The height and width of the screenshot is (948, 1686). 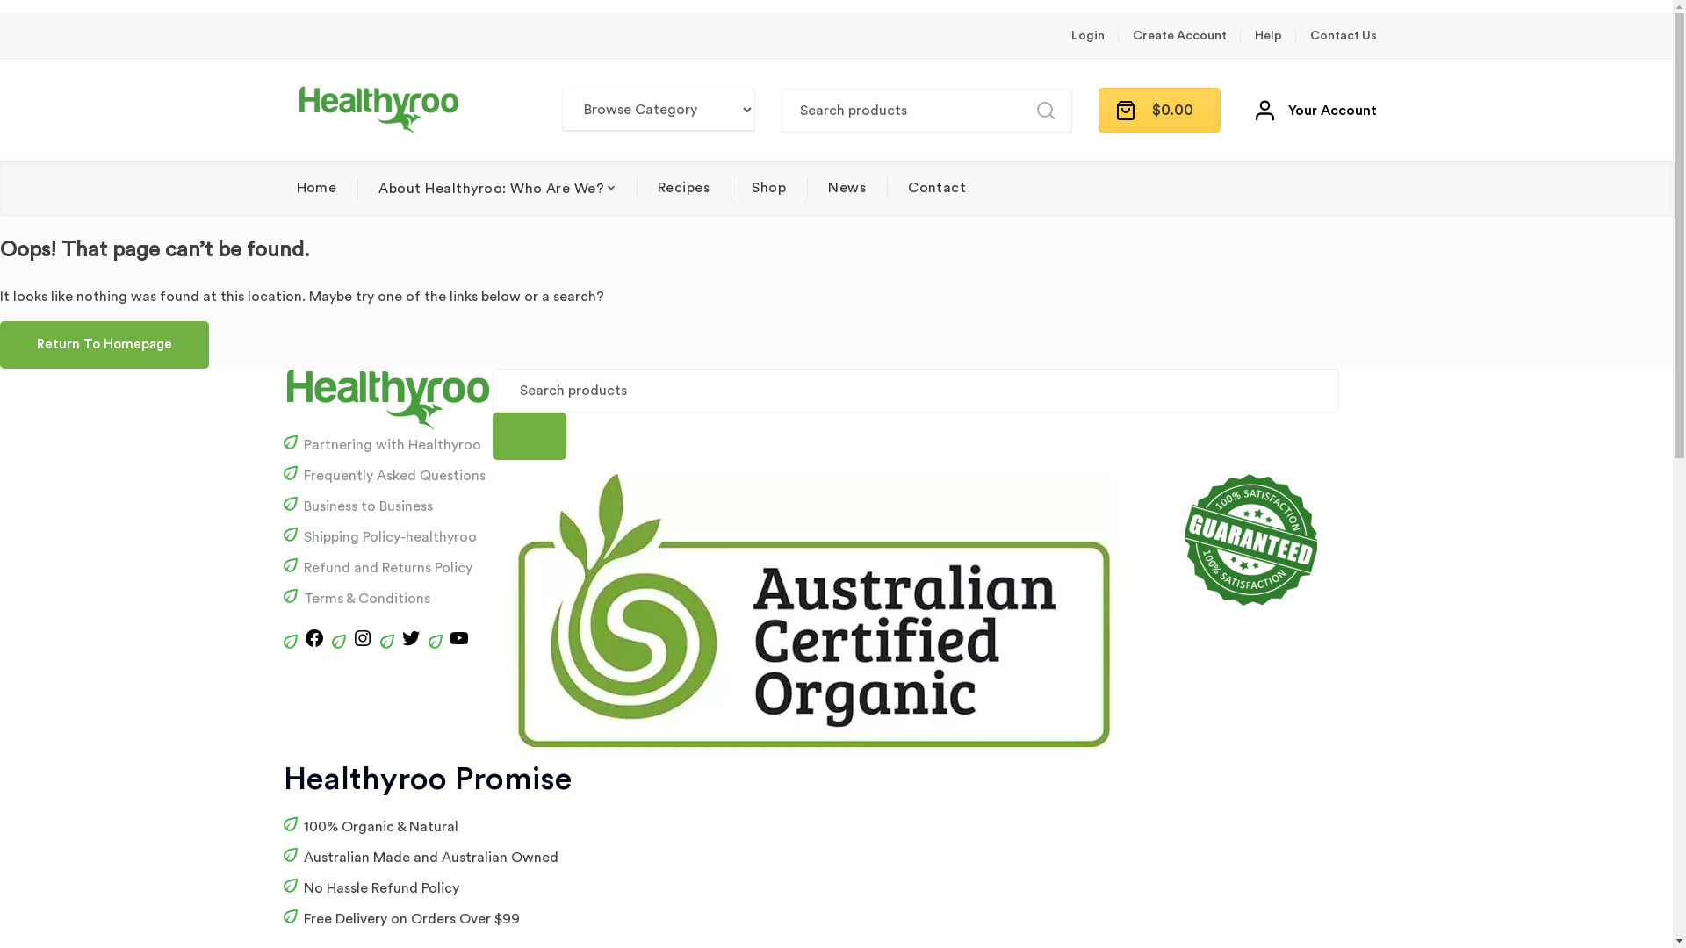 I want to click on 'Refund and Returns Policy', so click(x=303, y=568).